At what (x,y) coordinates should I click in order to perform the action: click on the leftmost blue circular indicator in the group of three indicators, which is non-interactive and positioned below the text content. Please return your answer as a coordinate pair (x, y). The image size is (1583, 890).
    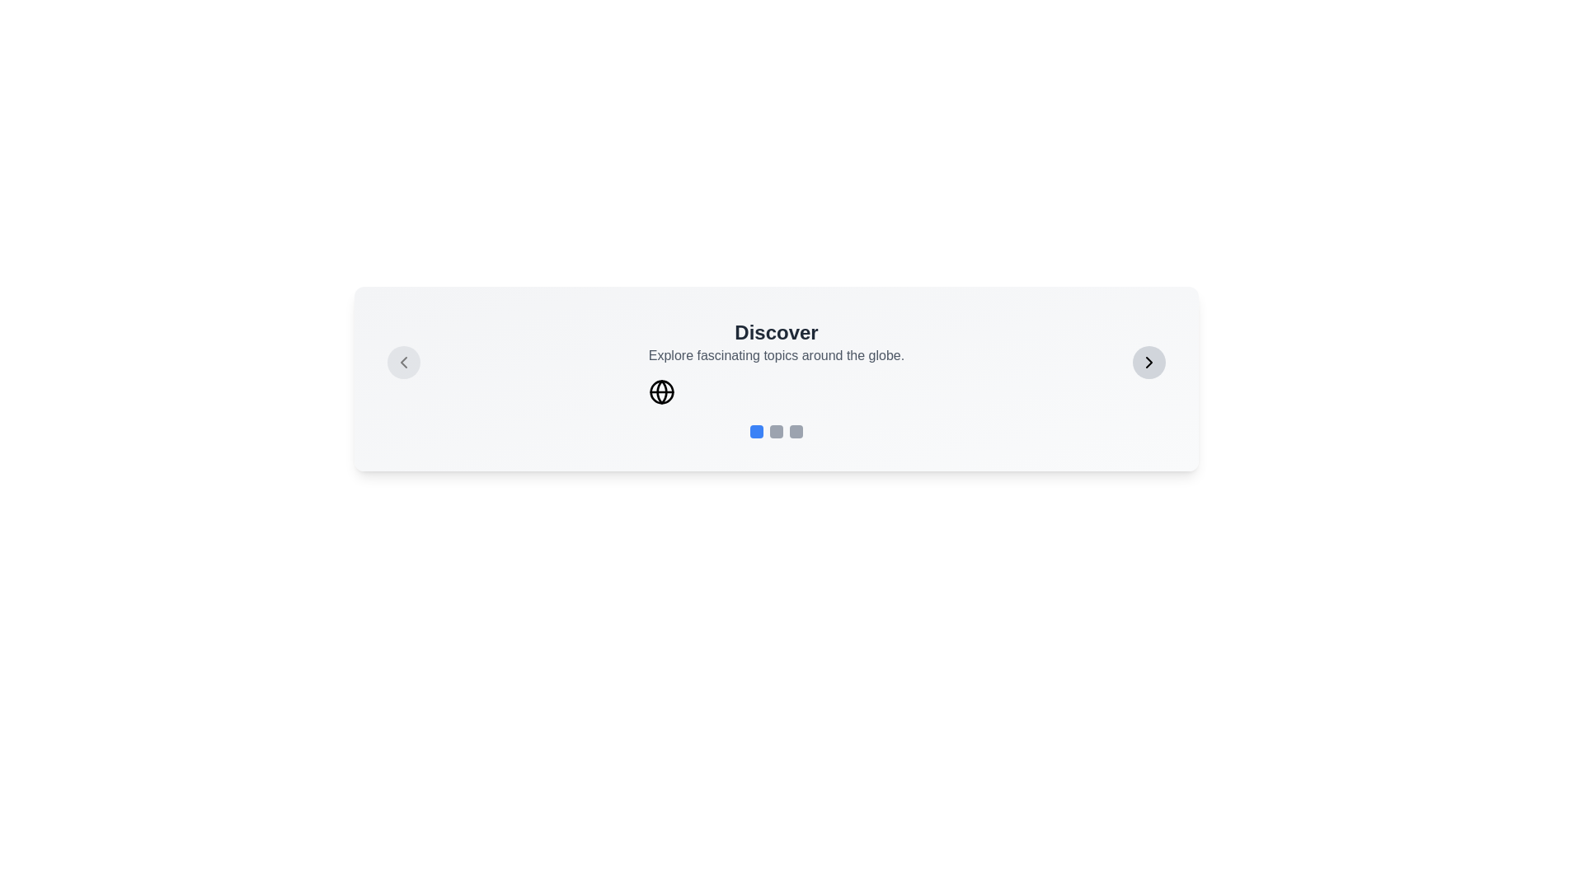
    Looking at the image, I should click on (755, 431).